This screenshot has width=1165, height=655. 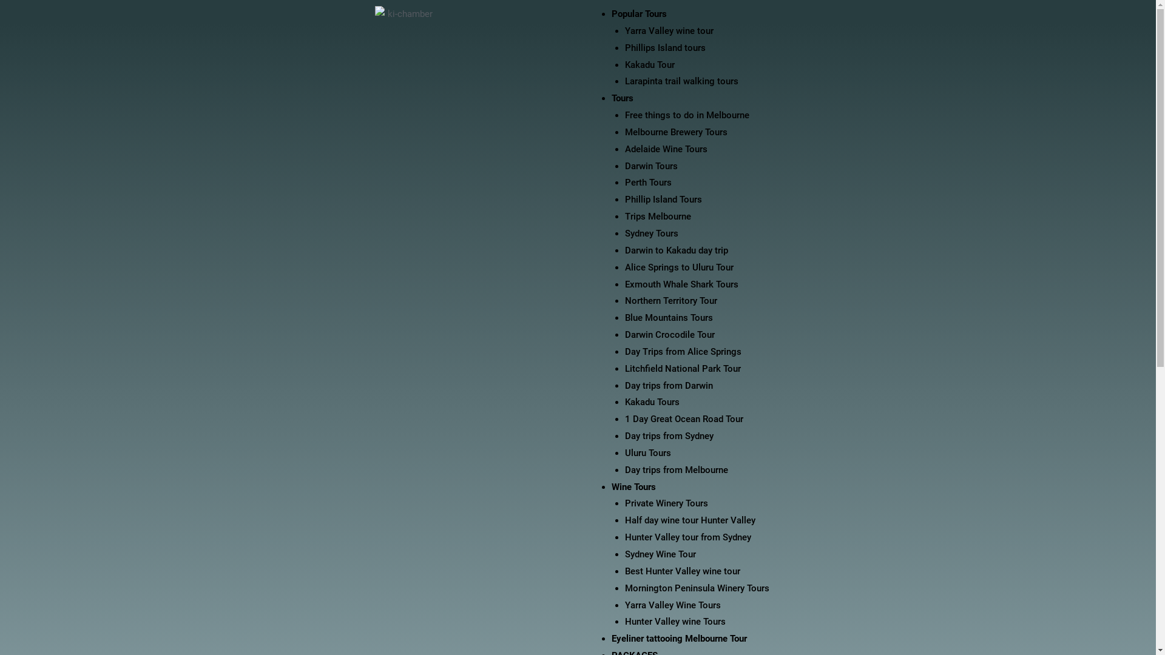 What do you see at coordinates (623, 98) in the screenshot?
I see `'Tours'` at bounding box center [623, 98].